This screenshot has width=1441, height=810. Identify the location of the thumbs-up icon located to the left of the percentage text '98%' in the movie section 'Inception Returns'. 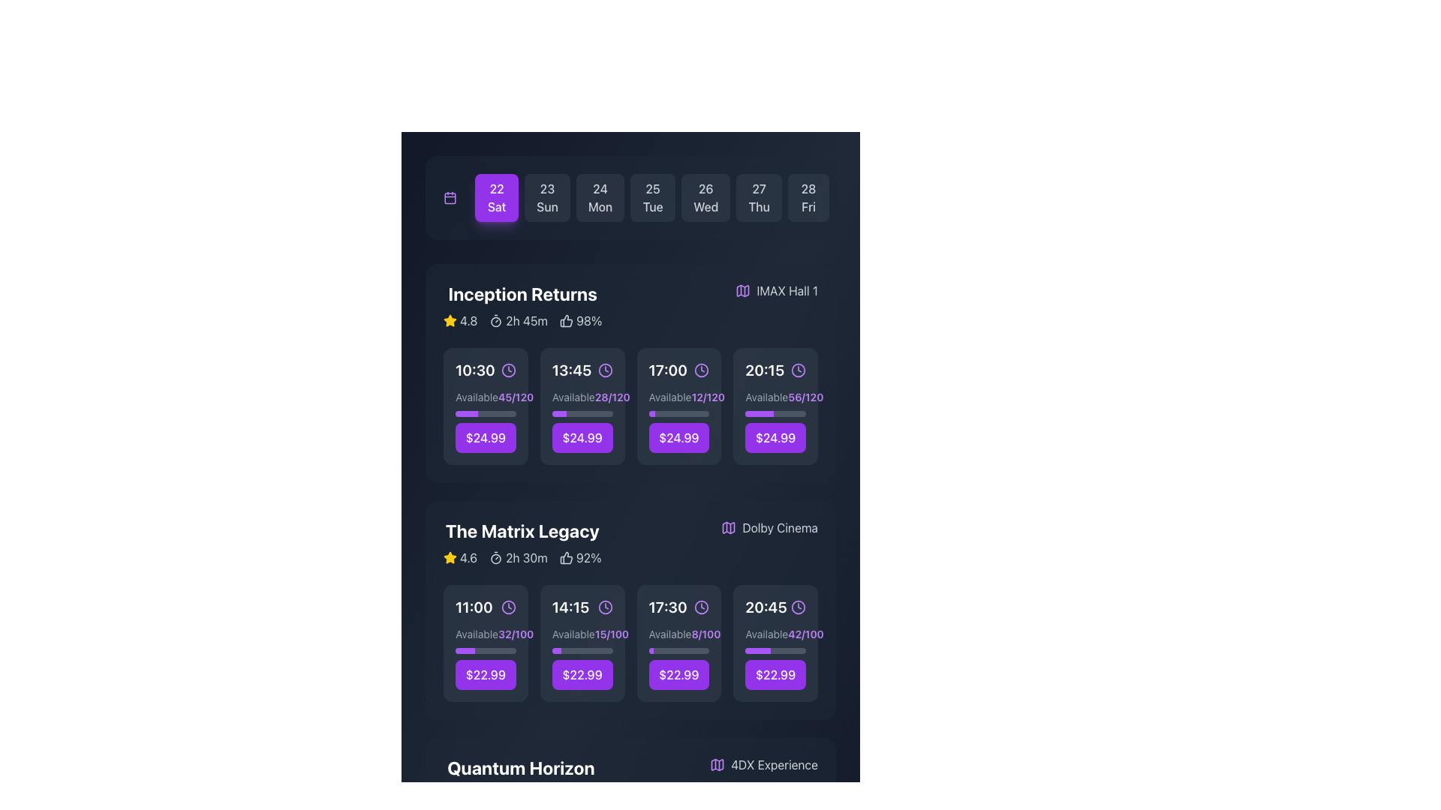
(566, 320).